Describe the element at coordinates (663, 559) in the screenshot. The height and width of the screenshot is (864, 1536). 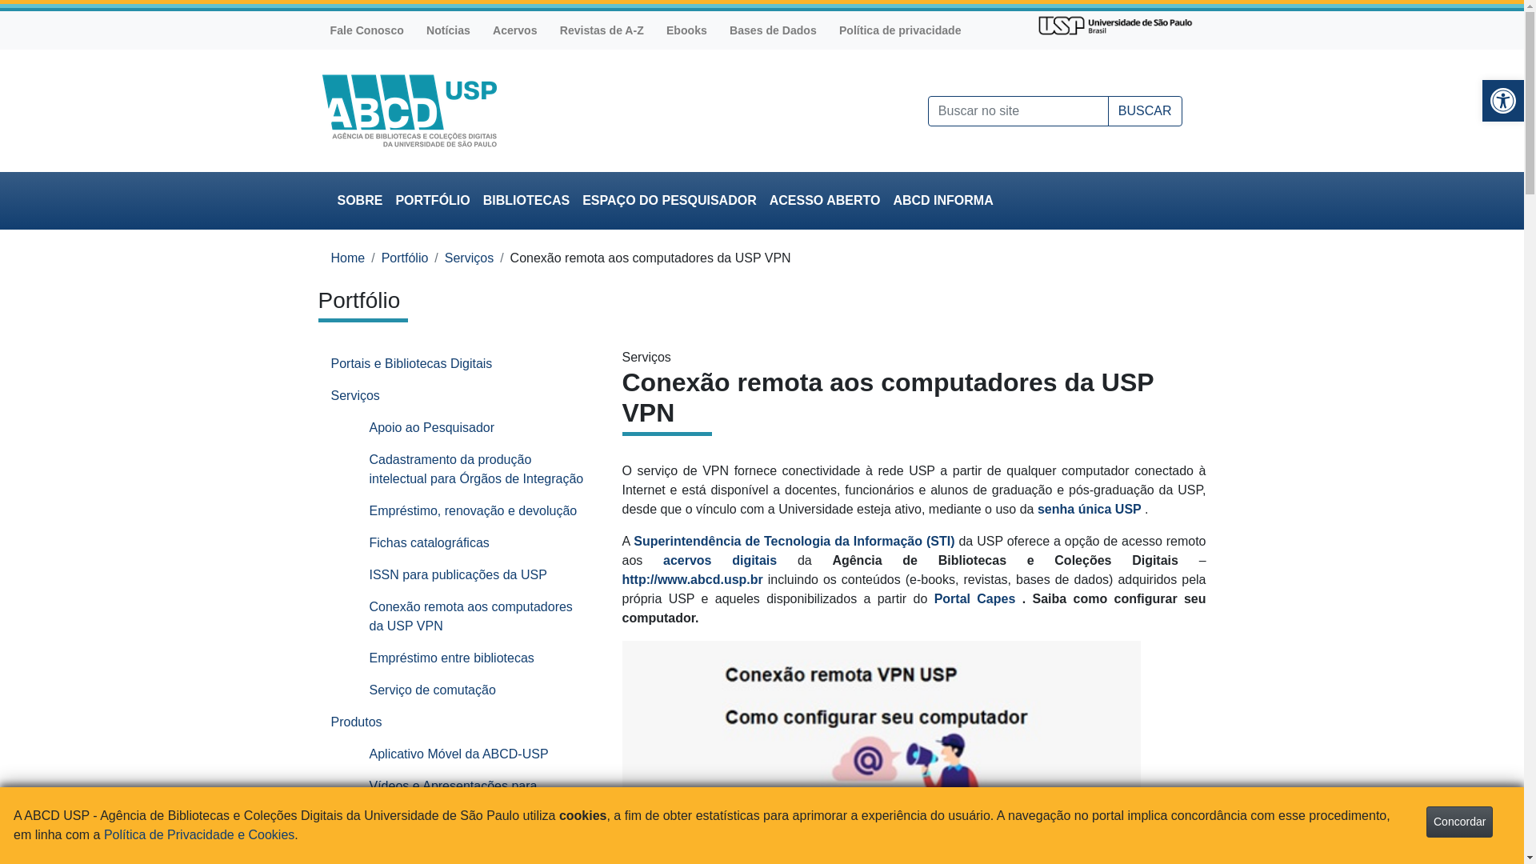
I see `'acervos digitais'` at that location.